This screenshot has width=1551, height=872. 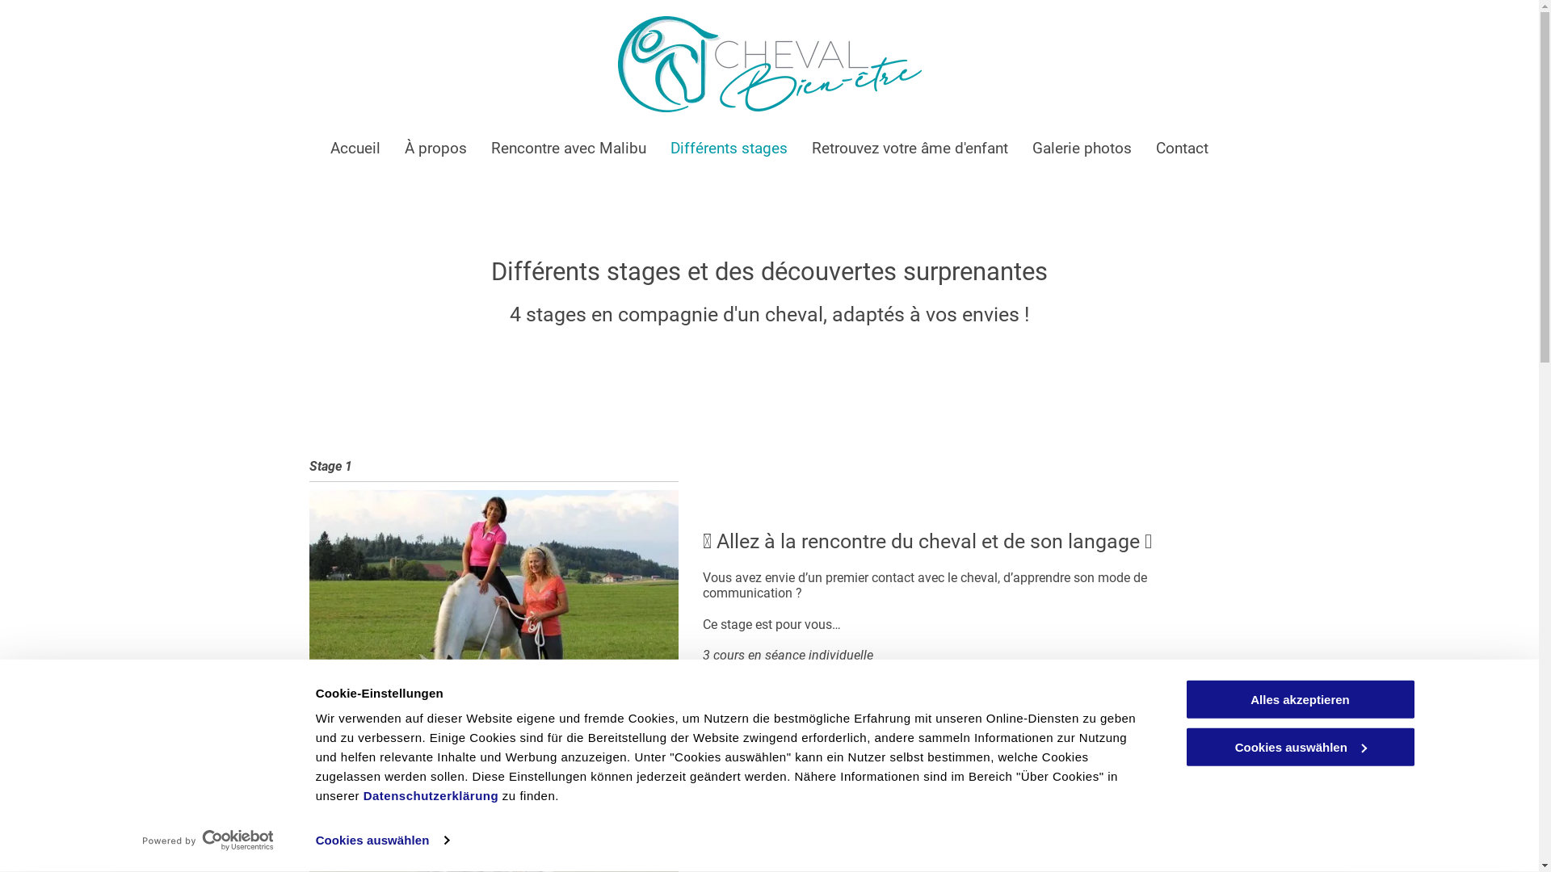 What do you see at coordinates (1182, 148) in the screenshot?
I see `'Contact'` at bounding box center [1182, 148].